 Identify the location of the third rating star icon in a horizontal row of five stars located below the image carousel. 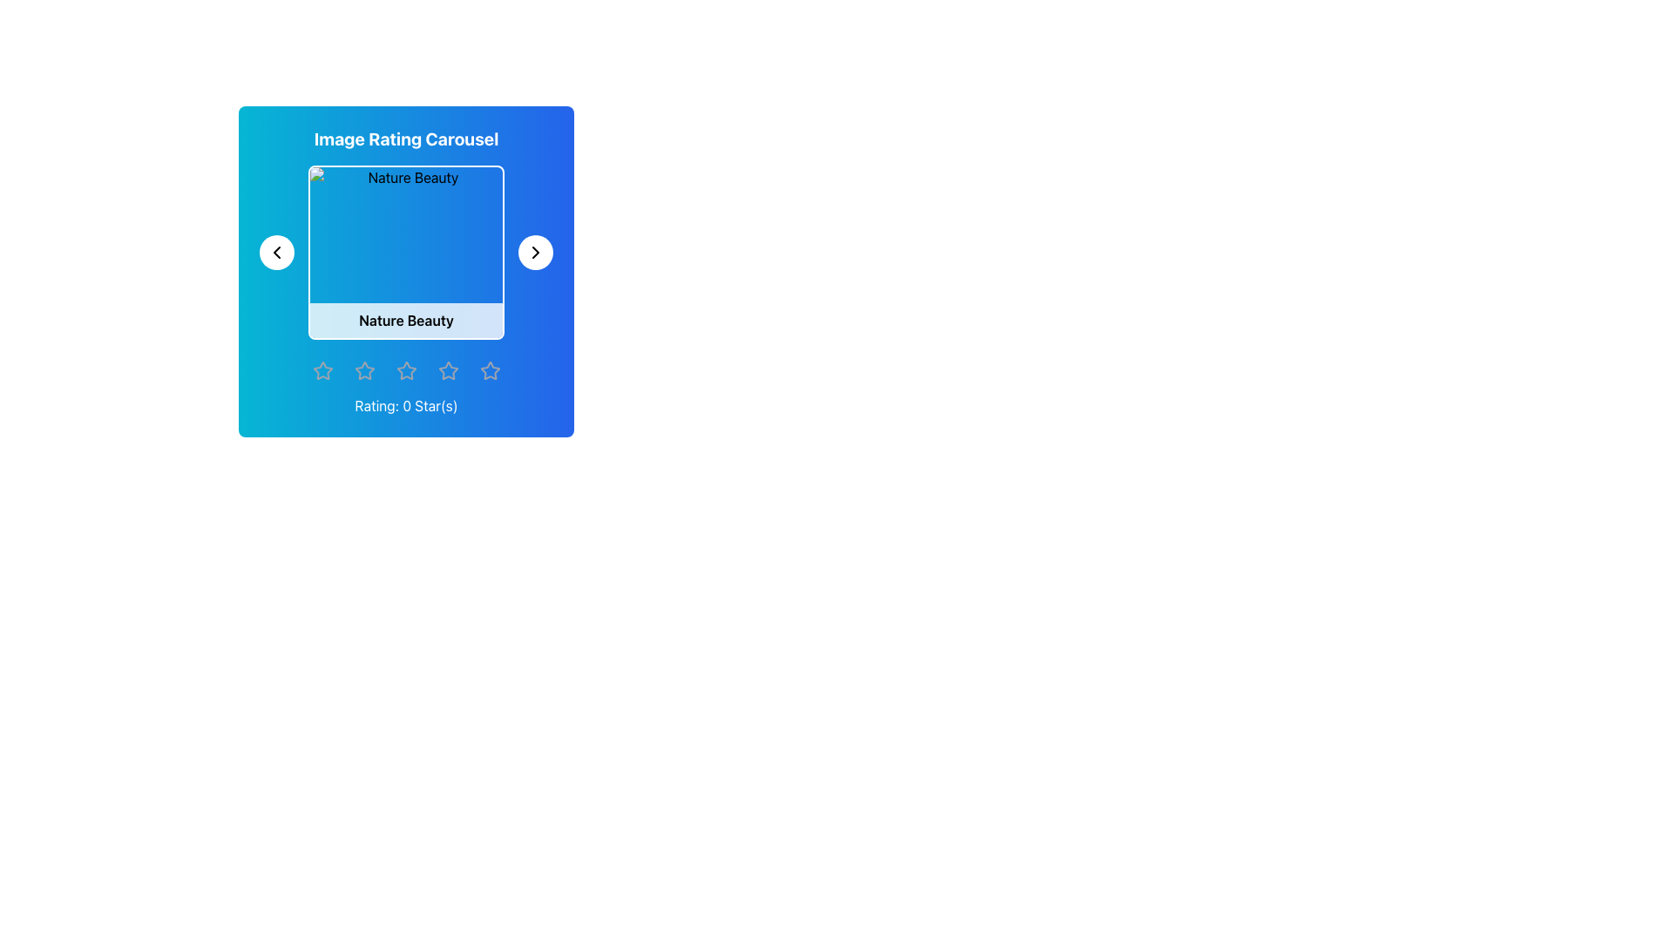
(405, 369).